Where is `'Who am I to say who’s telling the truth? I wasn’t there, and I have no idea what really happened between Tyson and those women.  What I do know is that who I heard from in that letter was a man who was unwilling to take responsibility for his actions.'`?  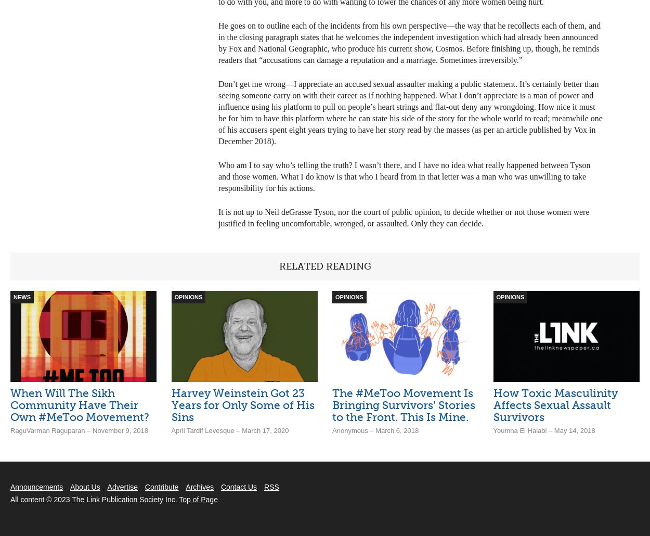
'Who am I to say who’s telling the truth? I wasn’t there, and I have no idea what really happened between Tyson and those women.  What I do know is that who I heard from in that letter was a man who was unwilling to take responsibility for his actions.' is located at coordinates (404, 175).